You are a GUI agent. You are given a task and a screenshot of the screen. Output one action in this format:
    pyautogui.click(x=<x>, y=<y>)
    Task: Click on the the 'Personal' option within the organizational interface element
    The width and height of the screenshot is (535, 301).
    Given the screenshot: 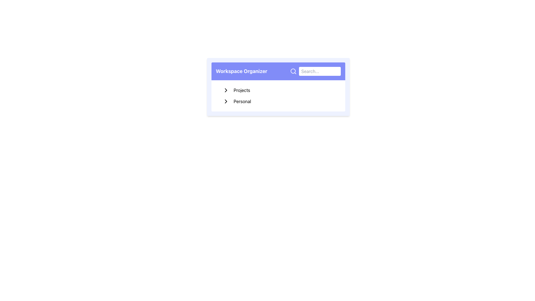 What is the action you would take?
    pyautogui.click(x=278, y=87)
    